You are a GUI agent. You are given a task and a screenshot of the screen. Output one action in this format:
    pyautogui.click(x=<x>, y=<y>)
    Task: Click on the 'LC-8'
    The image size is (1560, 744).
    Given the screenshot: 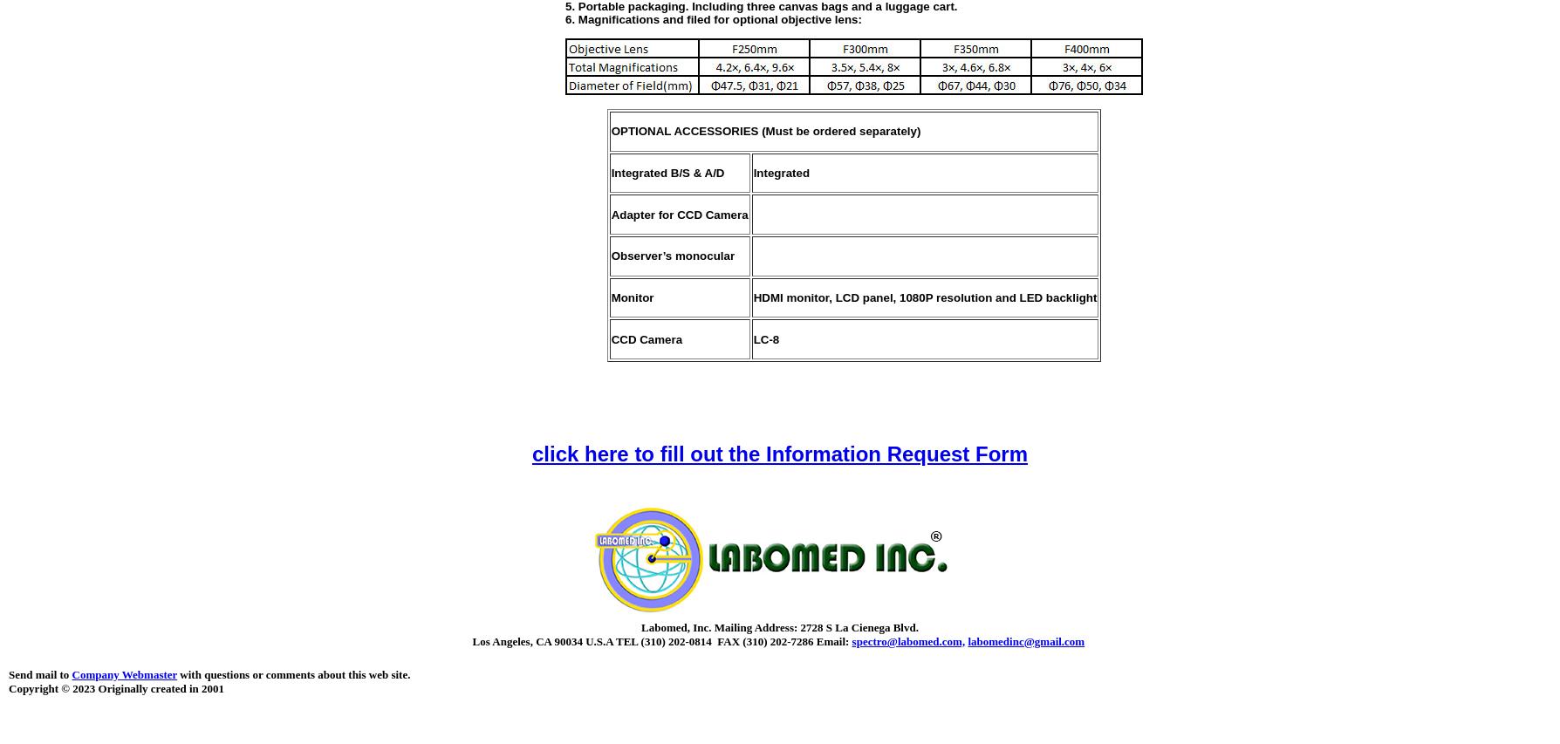 What is the action you would take?
    pyautogui.click(x=765, y=338)
    